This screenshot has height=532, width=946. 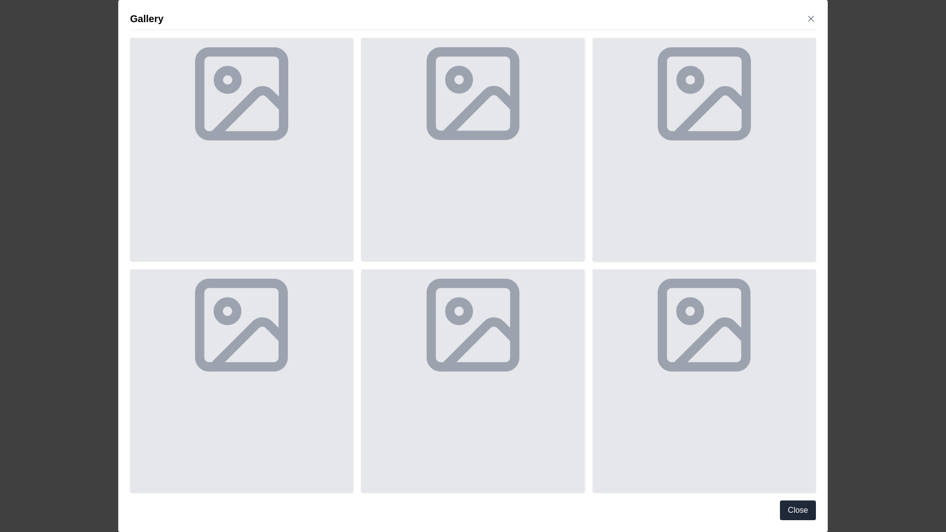 What do you see at coordinates (690, 79) in the screenshot?
I see `the Circle (SVG element) located in the second column of the first row of the gallery grid, which is contained within the image icon` at bounding box center [690, 79].